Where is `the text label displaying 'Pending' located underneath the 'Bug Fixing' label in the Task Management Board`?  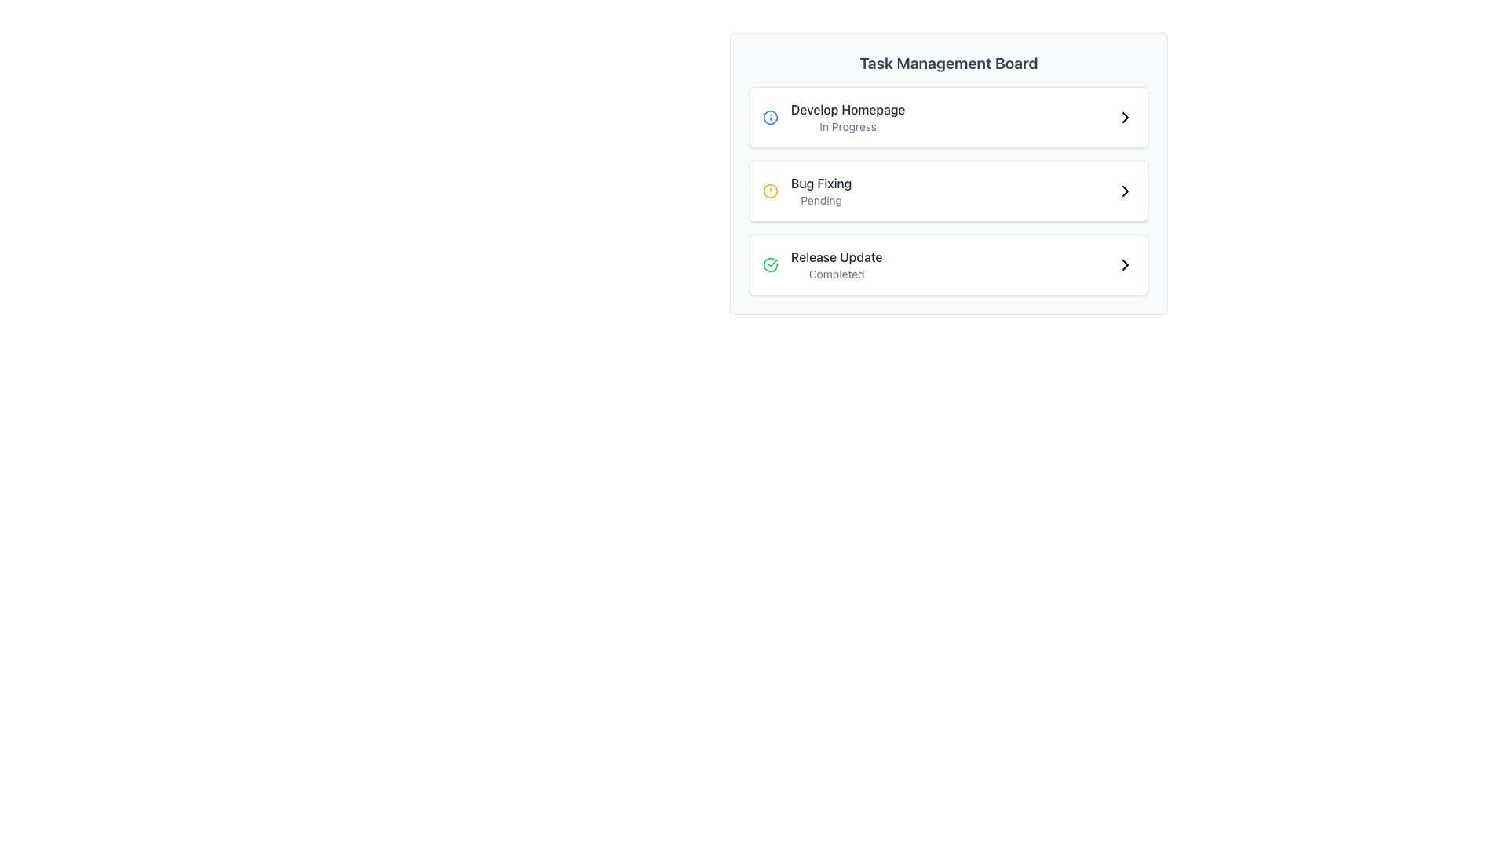
the text label displaying 'Pending' located underneath the 'Bug Fixing' label in the Task Management Board is located at coordinates (820, 199).